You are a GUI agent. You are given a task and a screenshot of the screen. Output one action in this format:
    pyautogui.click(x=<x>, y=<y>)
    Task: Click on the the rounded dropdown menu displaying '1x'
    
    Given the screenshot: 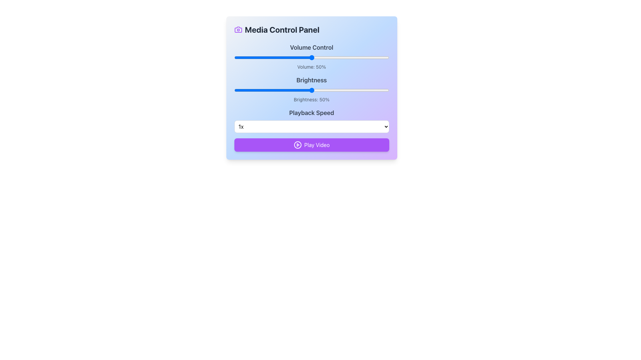 What is the action you would take?
    pyautogui.click(x=311, y=127)
    